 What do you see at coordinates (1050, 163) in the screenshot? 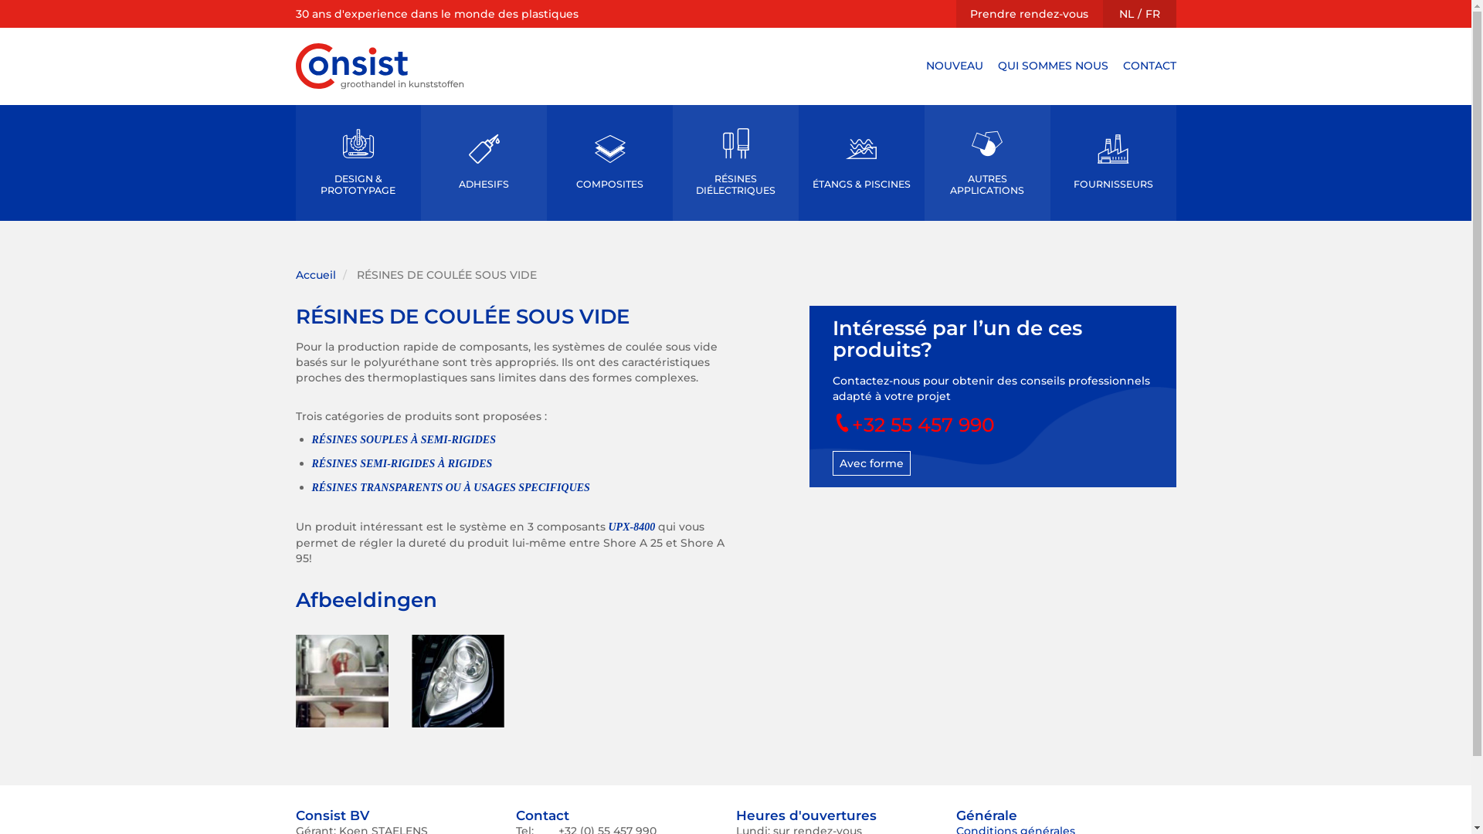
I see `'FOURNISSEURS'` at bounding box center [1050, 163].